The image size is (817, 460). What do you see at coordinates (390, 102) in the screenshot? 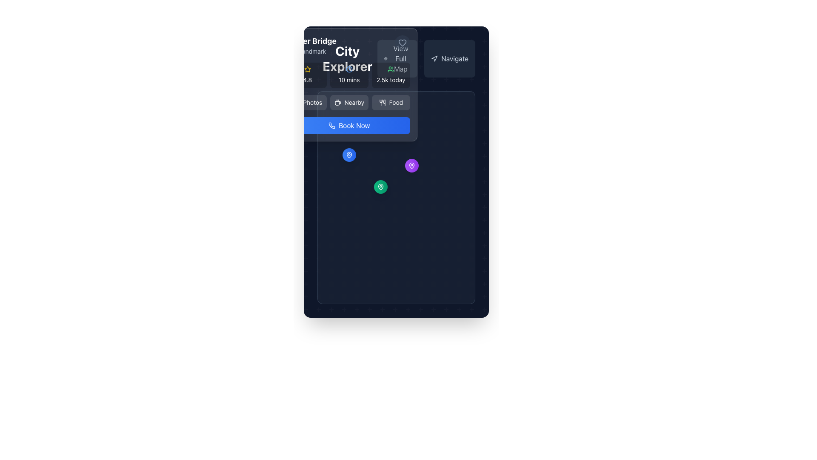
I see `the fourth button from the left, which serves as a navigation option to the food section` at bounding box center [390, 102].